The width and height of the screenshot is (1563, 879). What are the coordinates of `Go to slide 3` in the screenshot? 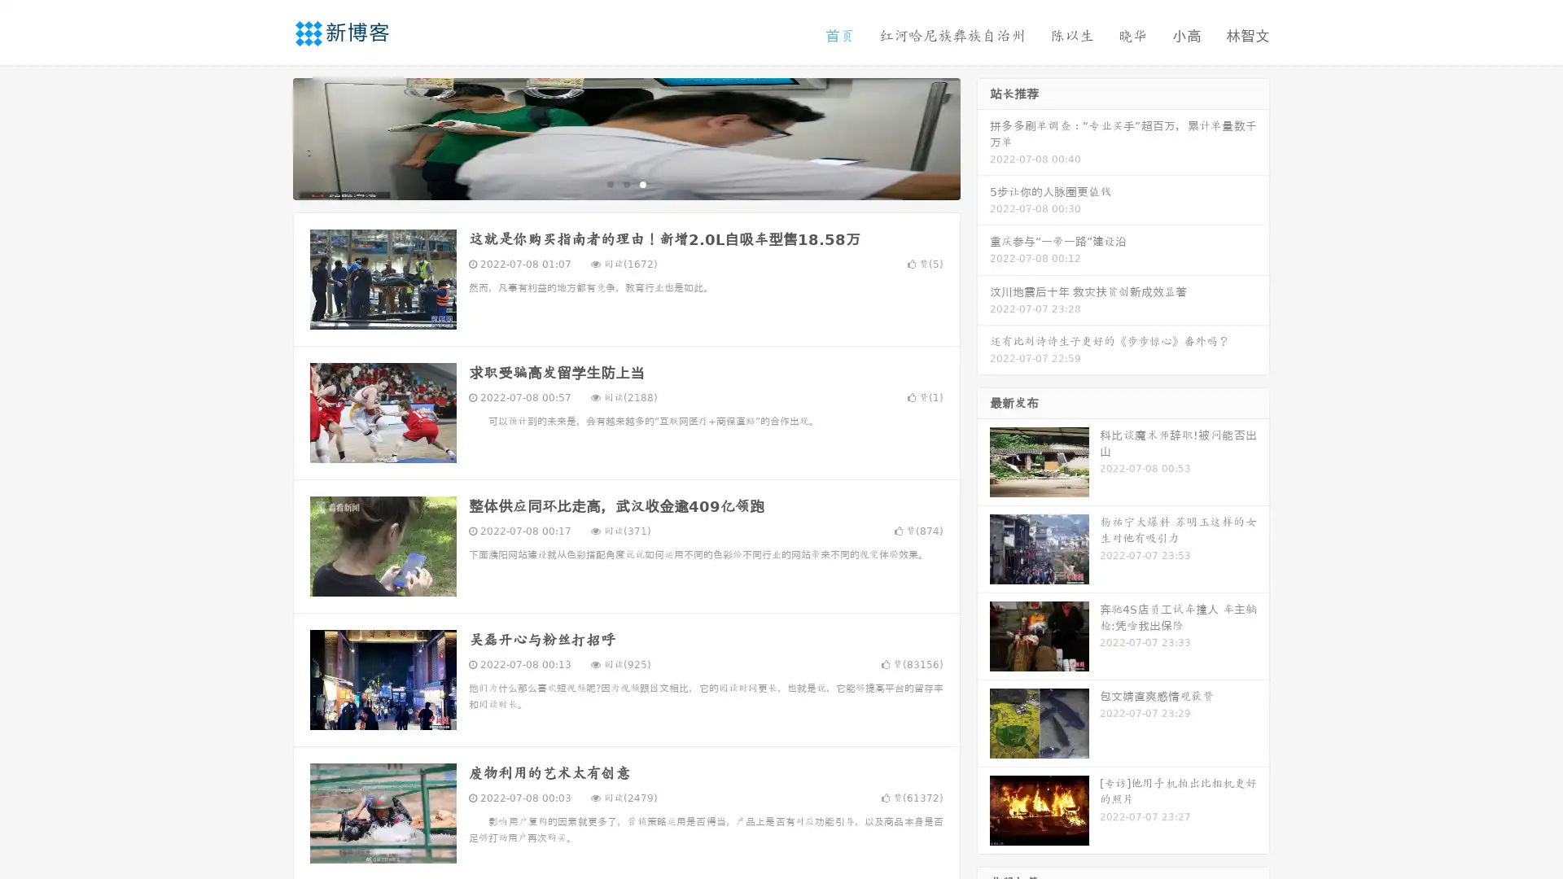 It's located at (642, 183).